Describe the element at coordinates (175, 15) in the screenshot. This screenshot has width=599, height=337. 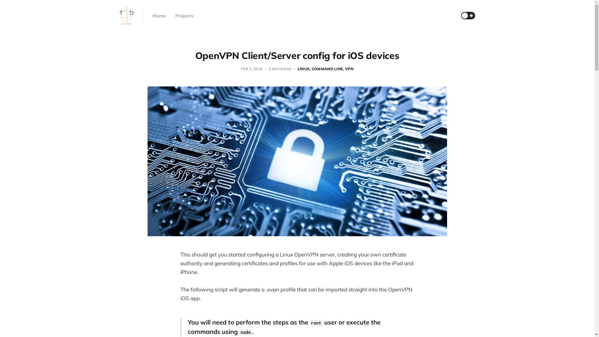
I see `'Projects'` at that location.